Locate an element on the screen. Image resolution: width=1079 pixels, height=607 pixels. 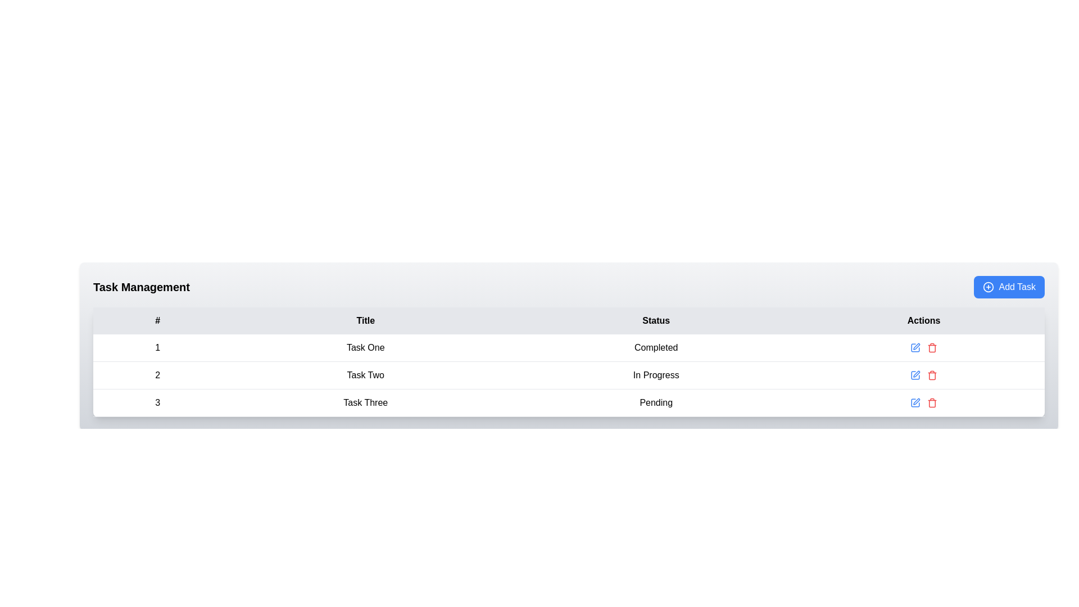
the Icon button located in the 'Actions' column of the third row in the table is located at coordinates (915, 402).